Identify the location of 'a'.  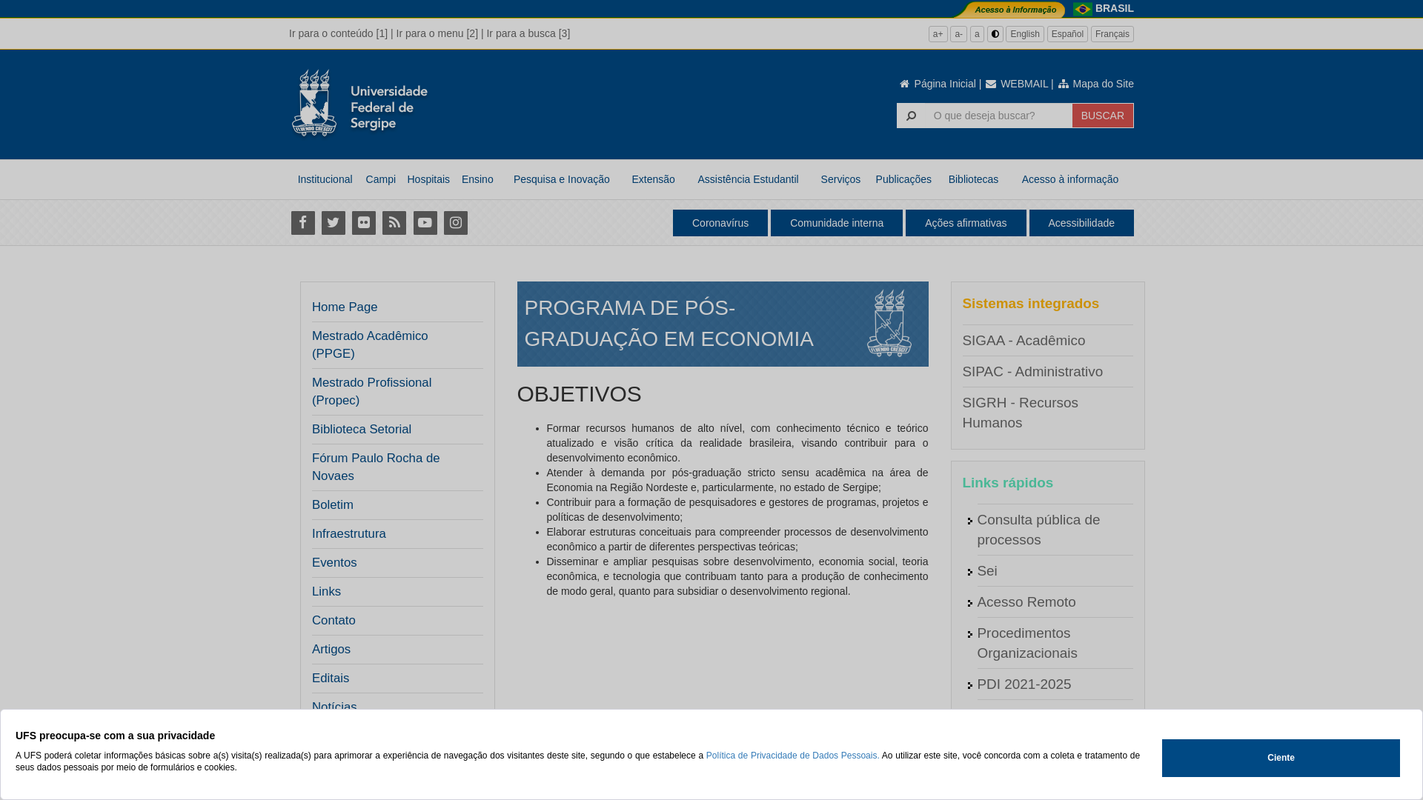
(977, 33).